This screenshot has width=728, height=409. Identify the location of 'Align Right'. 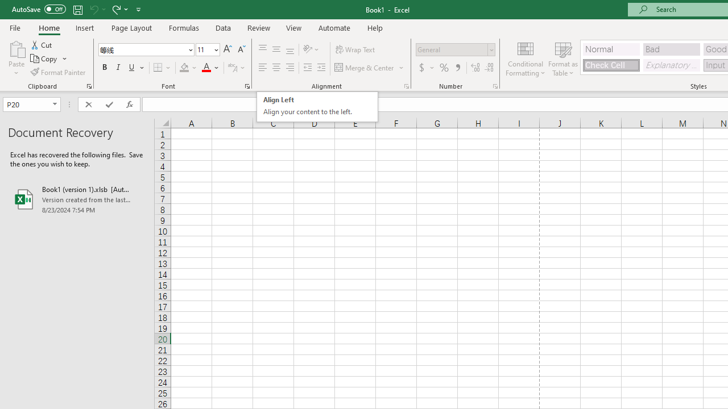
(290, 68).